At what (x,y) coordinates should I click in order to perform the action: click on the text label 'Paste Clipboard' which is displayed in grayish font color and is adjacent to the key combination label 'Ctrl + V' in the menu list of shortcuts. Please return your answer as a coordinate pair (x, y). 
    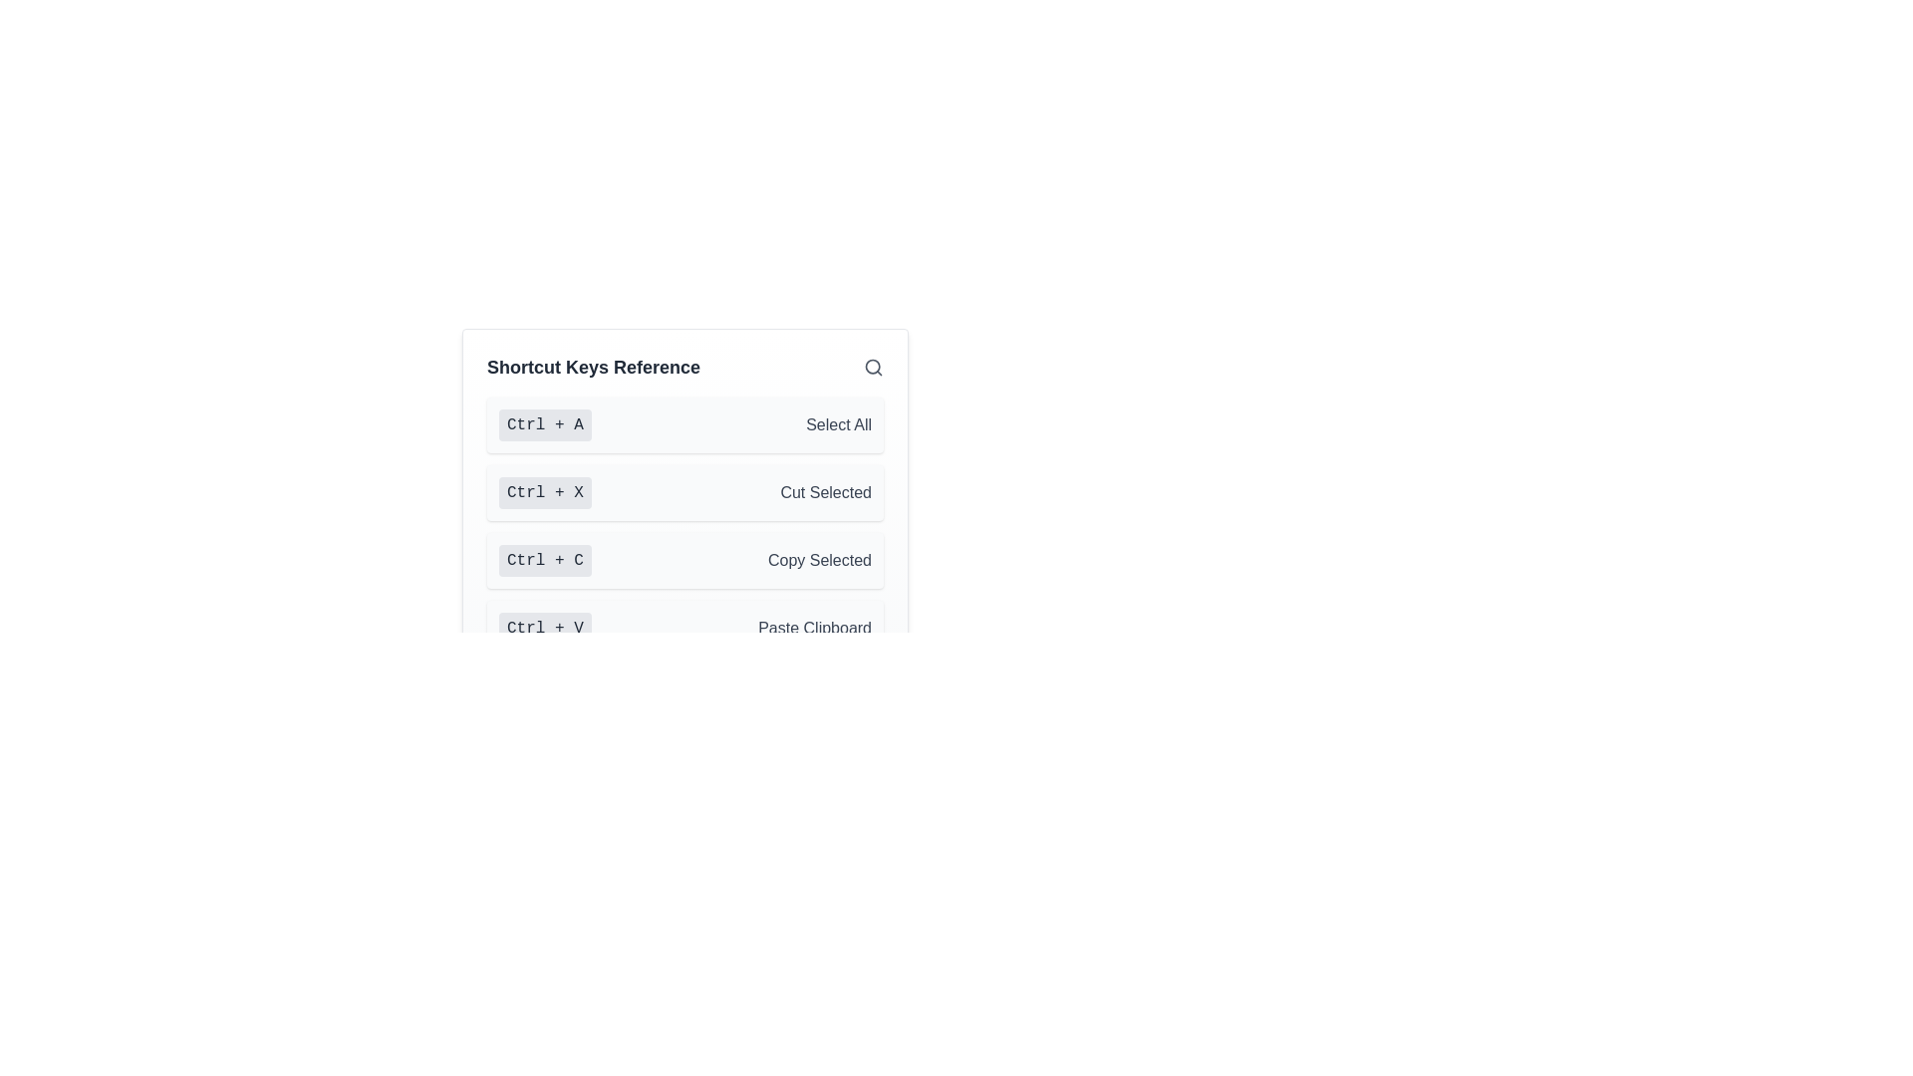
    Looking at the image, I should click on (815, 629).